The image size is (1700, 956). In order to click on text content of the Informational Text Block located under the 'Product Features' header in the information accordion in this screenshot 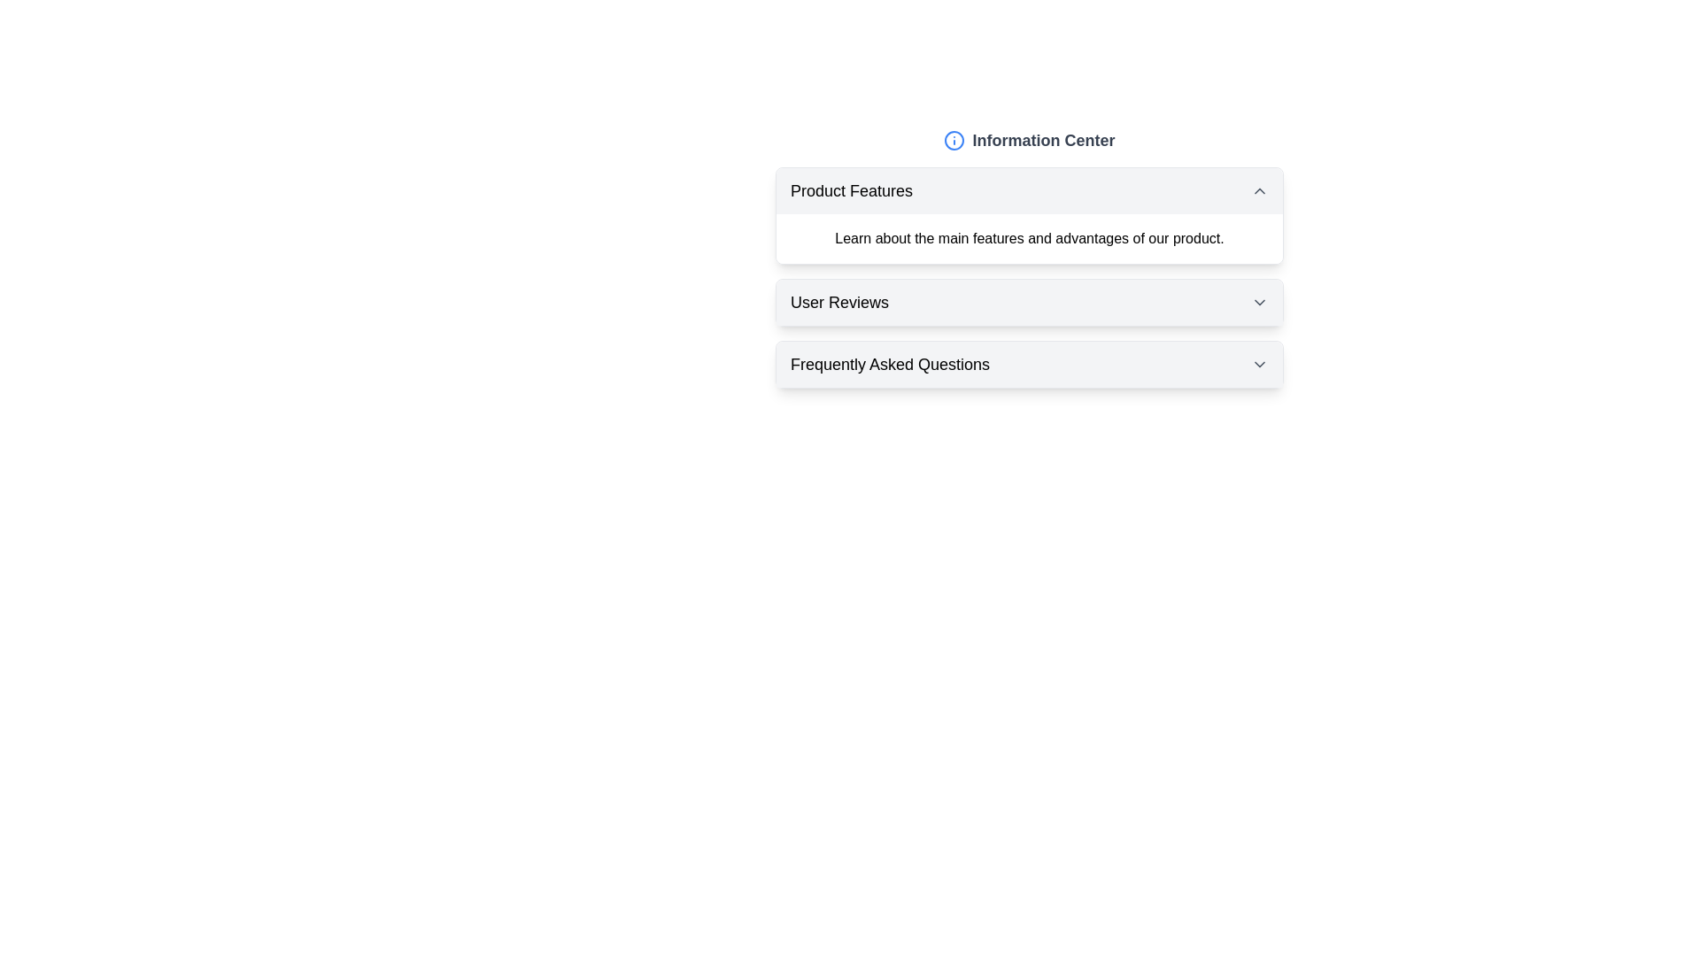, I will do `click(1029, 239)`.